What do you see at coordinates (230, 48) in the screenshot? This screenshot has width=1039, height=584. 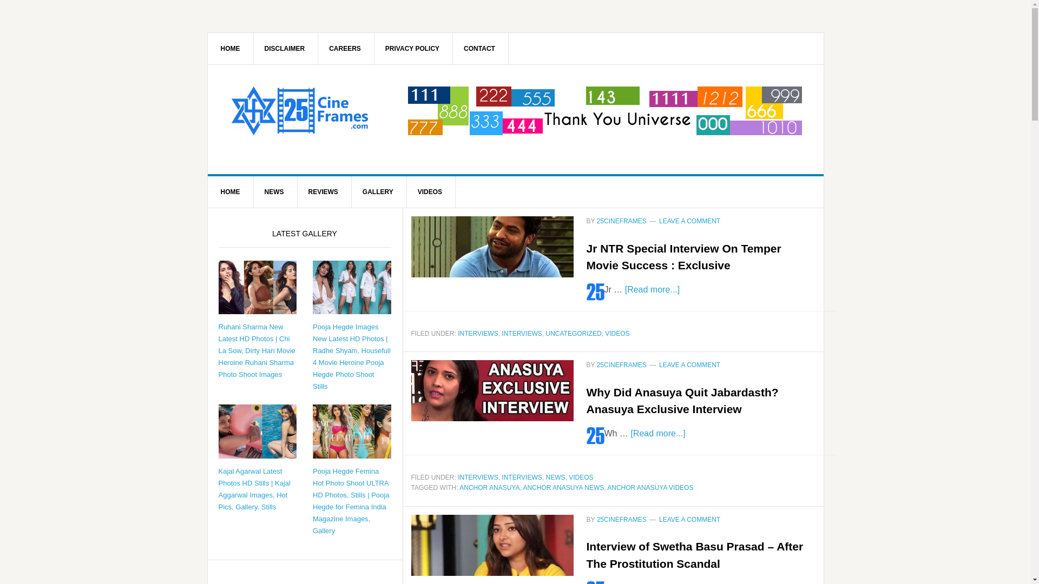 I see `'HOME'` at bounding box center [230, 48].